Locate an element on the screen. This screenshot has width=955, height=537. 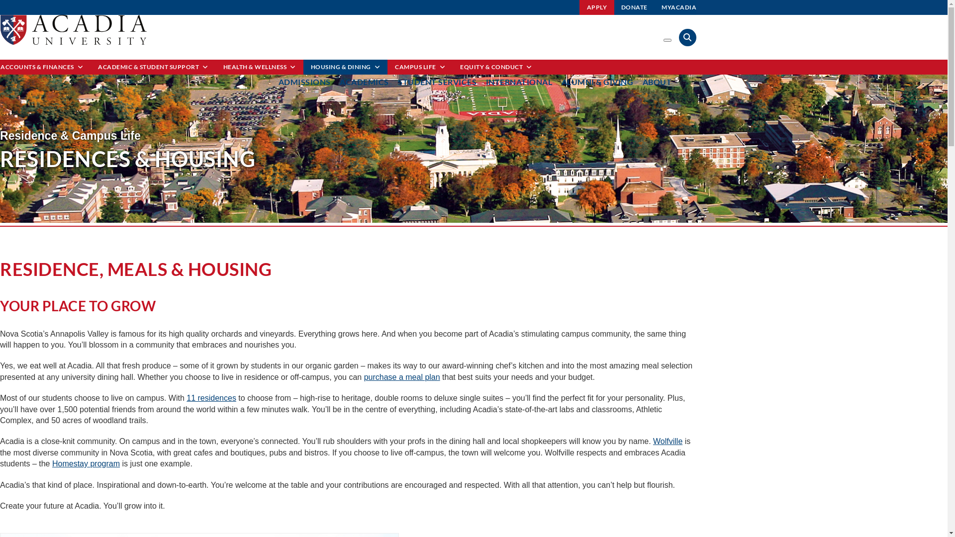
'Homestay program' is located at coordinates (52, 463).